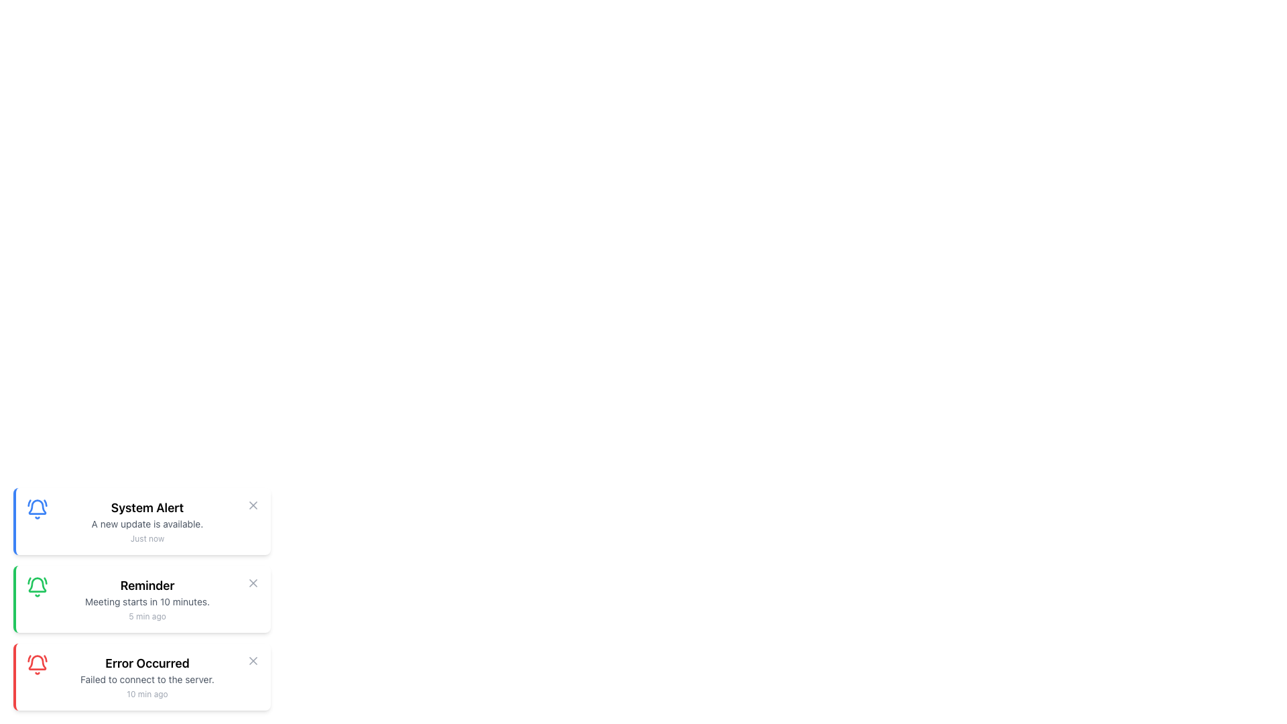 The image size is (1287, 724). Describe the element at coordinates (147, 664) in the screenshot. I see `the error message text located at the top of the third notification card, which serves to convey an error message to the user, if it triggers any action` at that location.